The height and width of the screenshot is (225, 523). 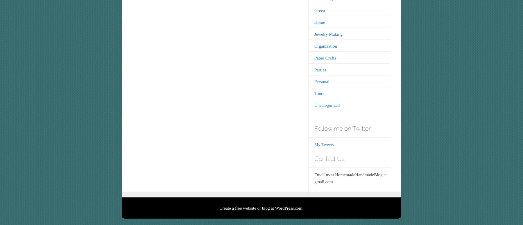 What do you see at coordinates (324, 144) in the screenshot?
I see `'My Tweets'` at bounding box center [324, 144].